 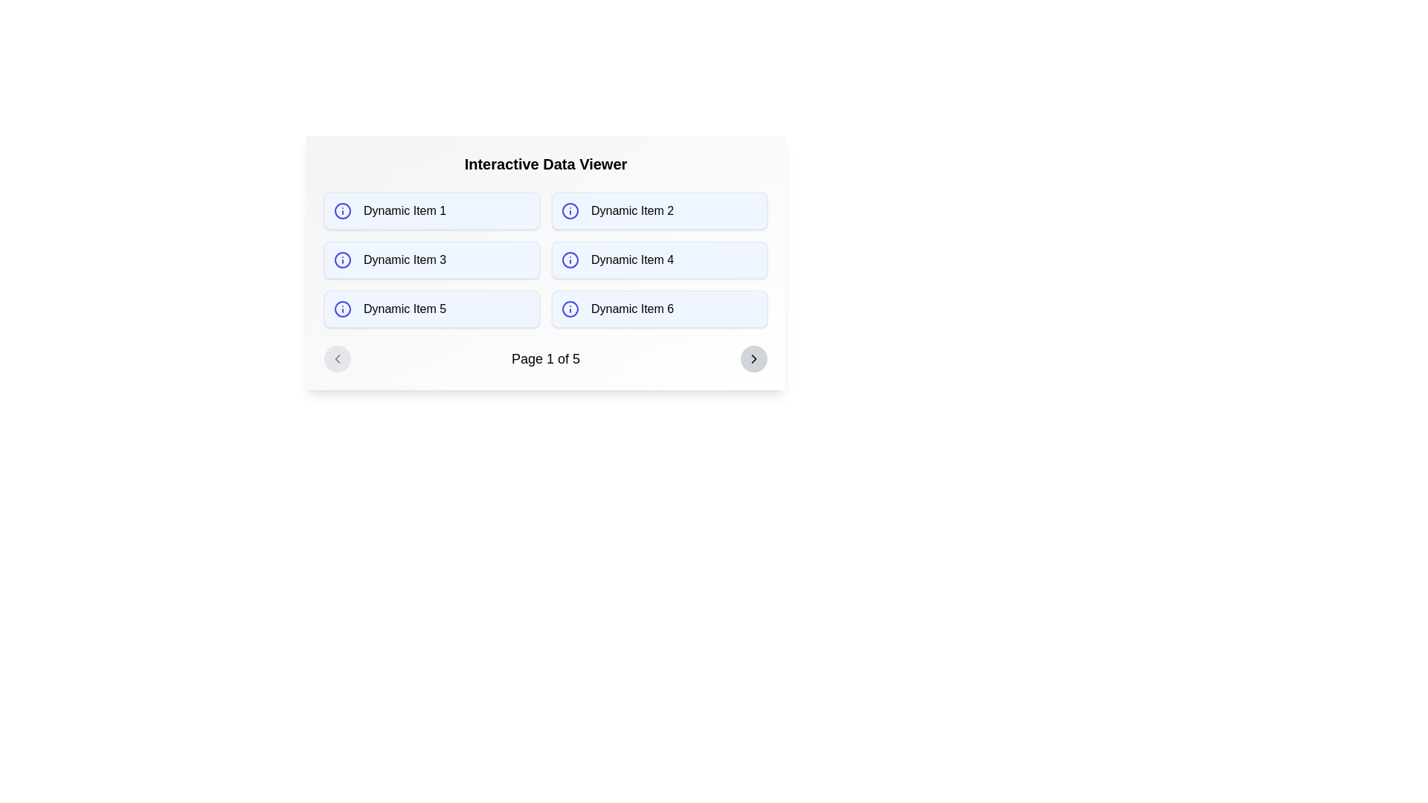 I want to click on the icon that serves as an indicator for additional information associated with 'Dynamic Item 6', located in the bottom right corner of the button in the 2x3 grid under 'Interactive Data Viewer', so click(x=570, y=309).